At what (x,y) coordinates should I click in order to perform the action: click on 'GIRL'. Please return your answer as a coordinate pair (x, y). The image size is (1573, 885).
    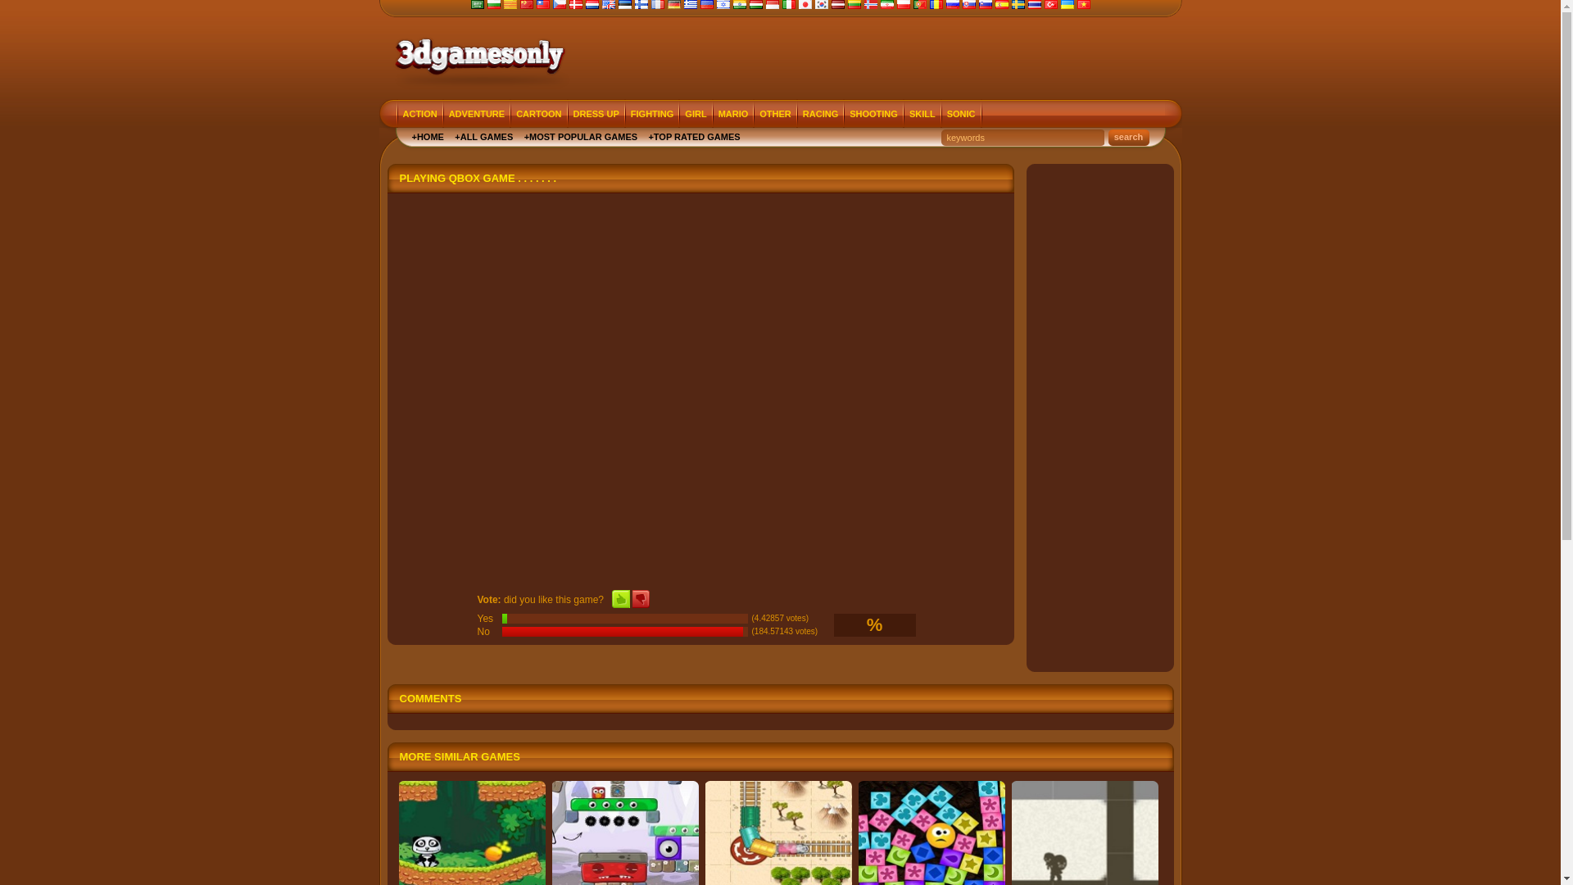
    Looking at the image, I should click on (696, 113).